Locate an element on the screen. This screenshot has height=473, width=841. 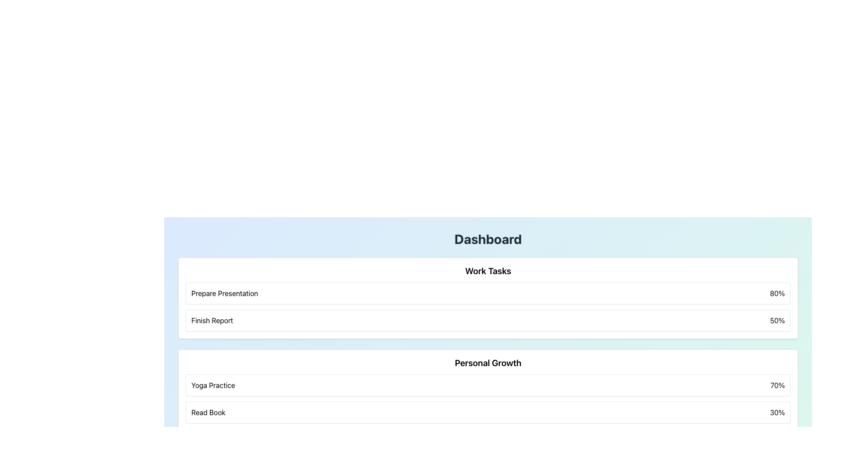
the text label representing the activity 'Yoga Practice' in the 'Personal Growth' section for reading is located at coordinates (213, 385).